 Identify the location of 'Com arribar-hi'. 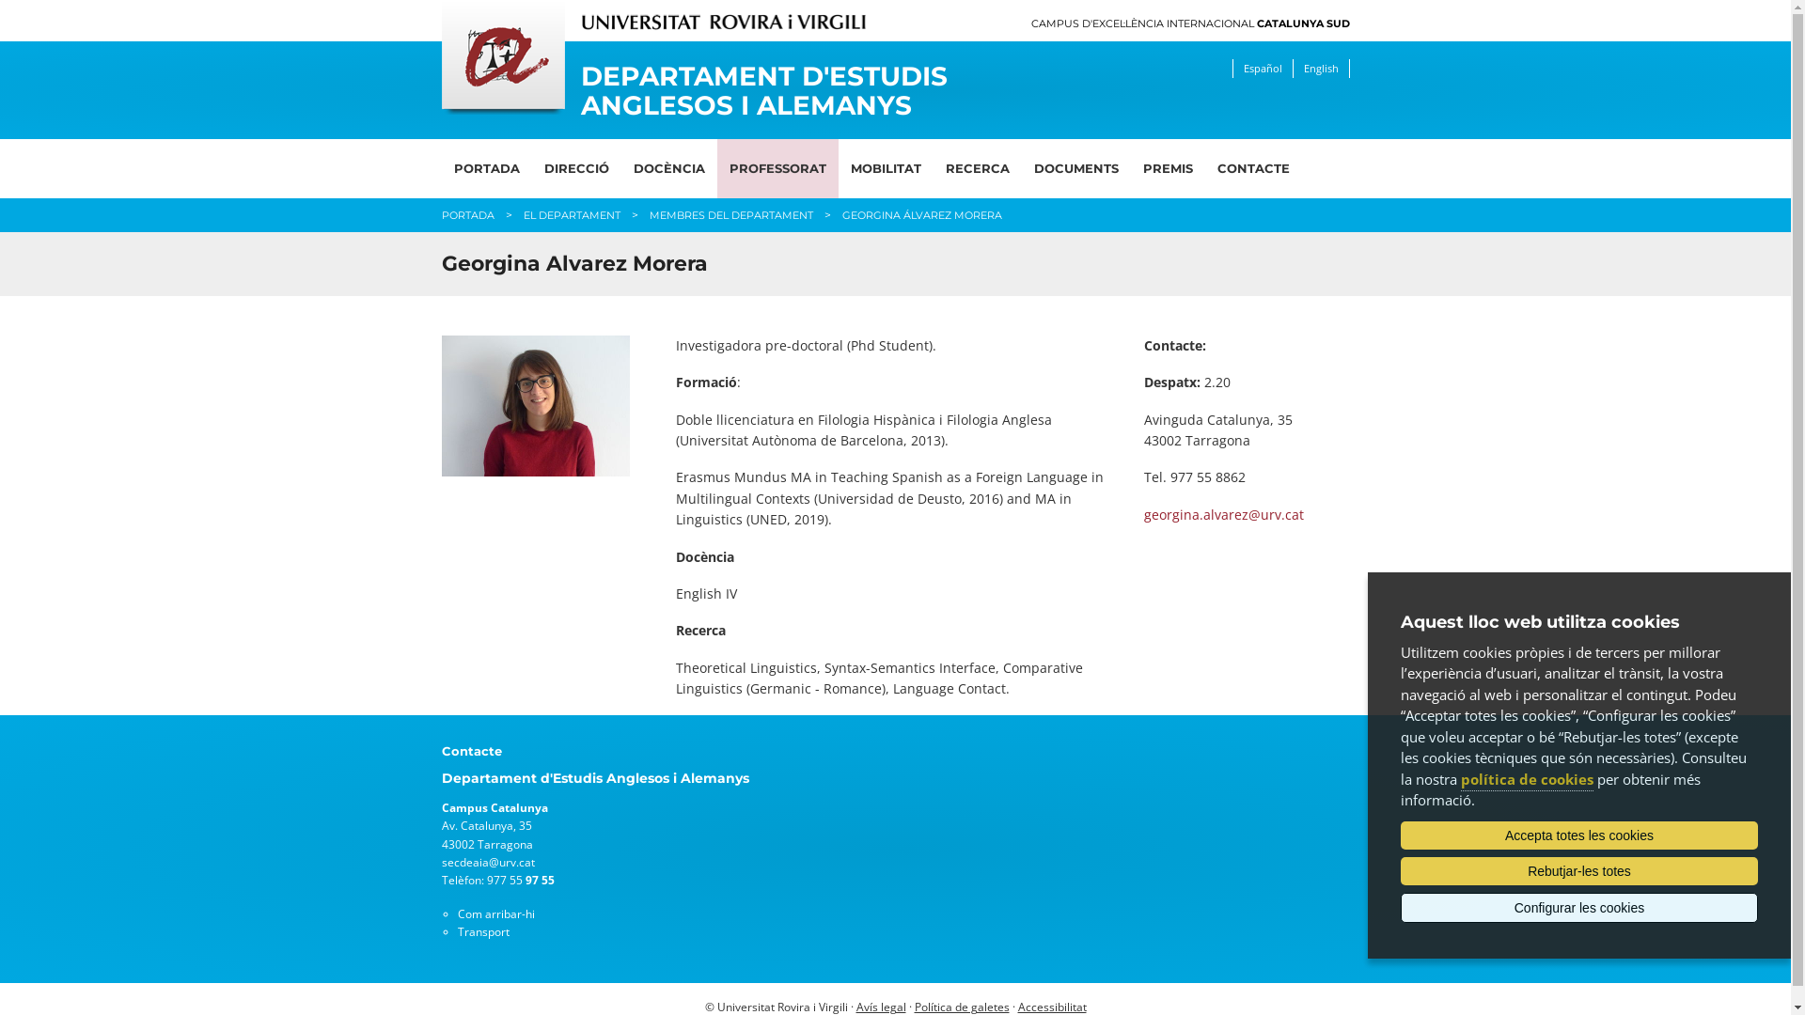
(495, 913).